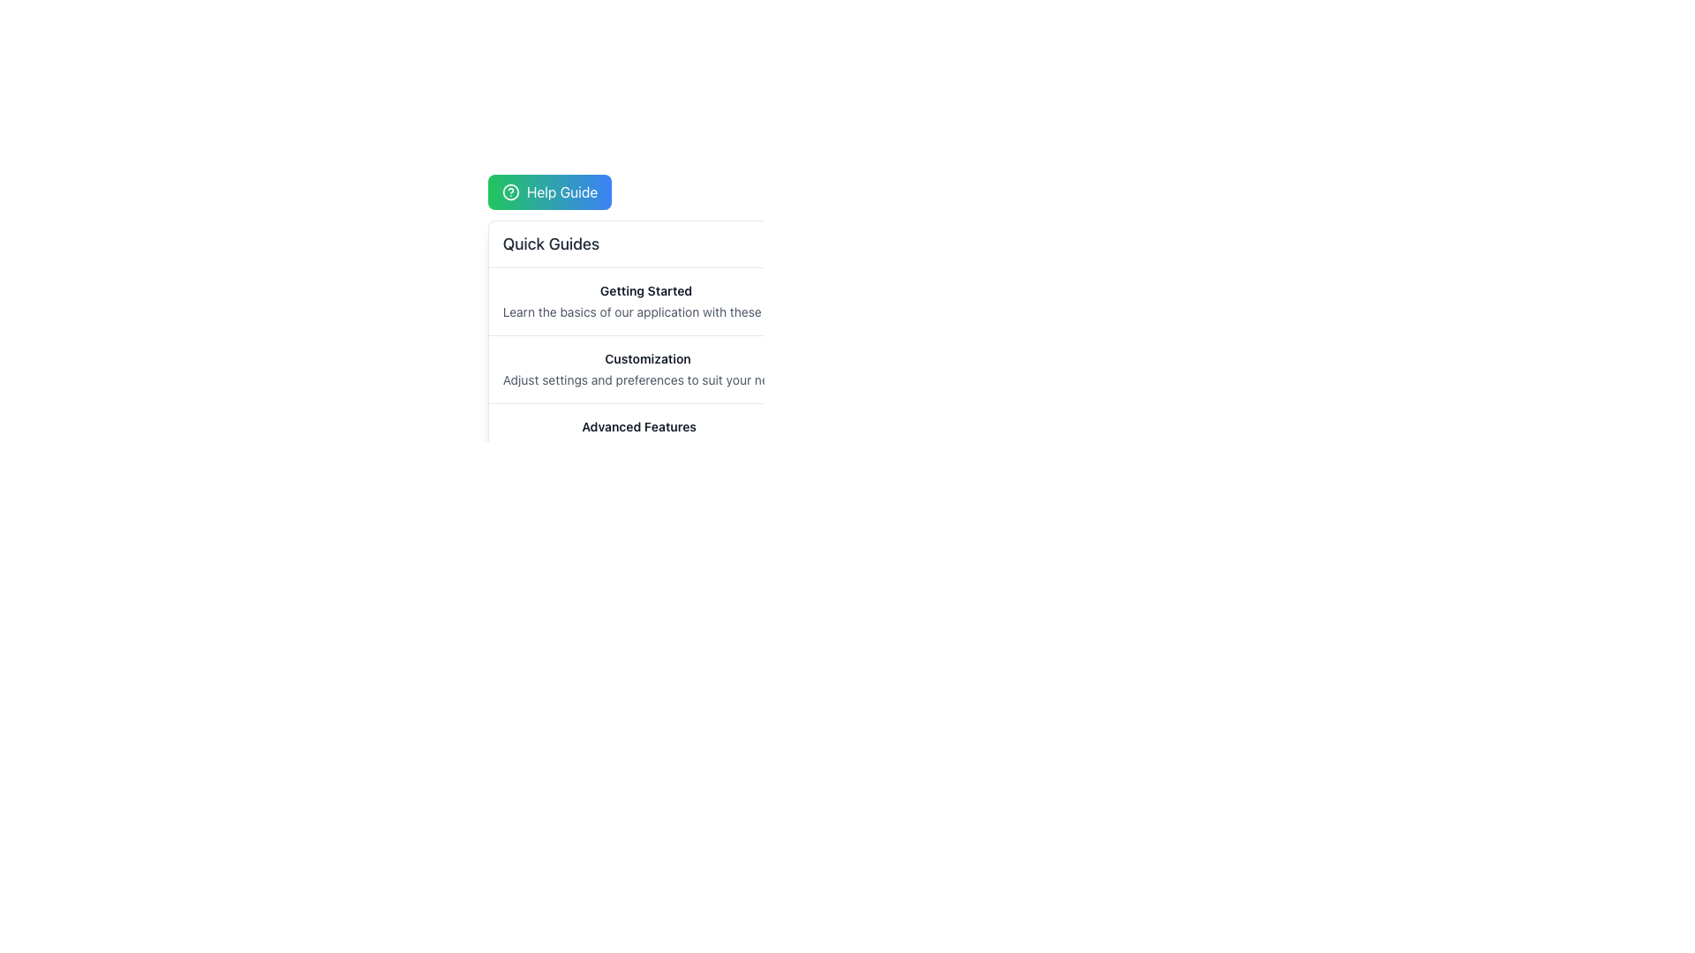 The height and width of the screenshot is (953, 1695). What do you see at coordinates (549, 192) in the screenshot?
I see `the 'Help Guide' button, which has a gradient background from green to blue and features a question mark icon` at bounding box center [549, 192].